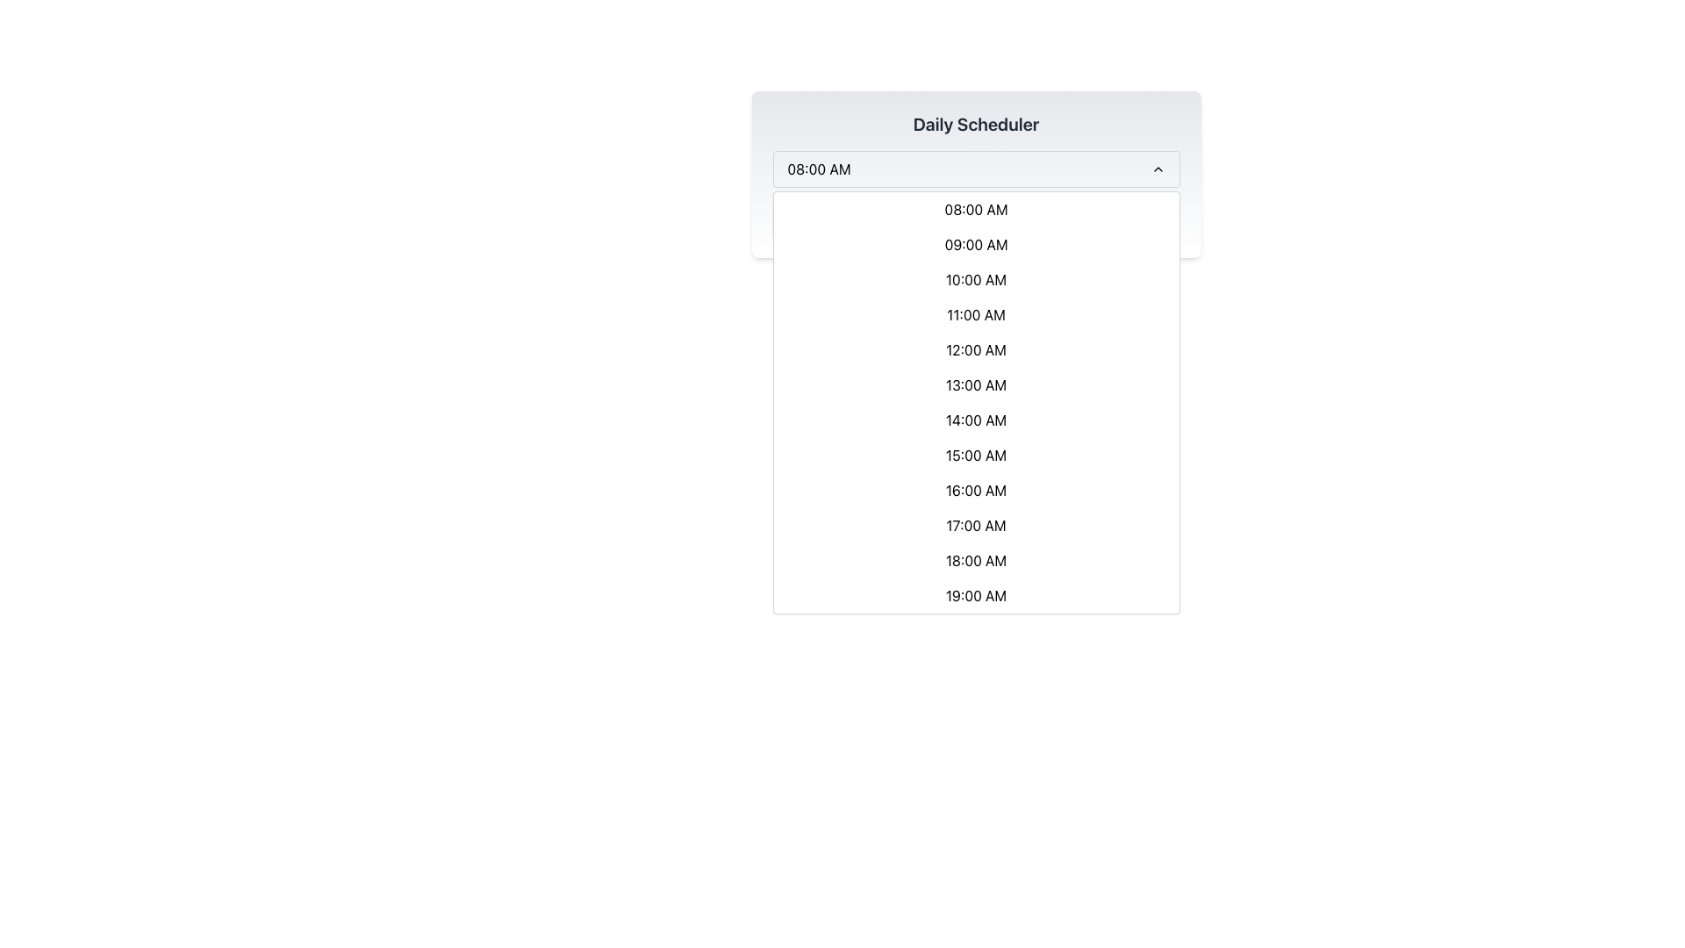  What do you see at coordinates (975, 420) in the screenshot?
I see `the selectable list item displaying '14:00 AM' in a vertical dropdown menu` at bounding box center [975, 420].